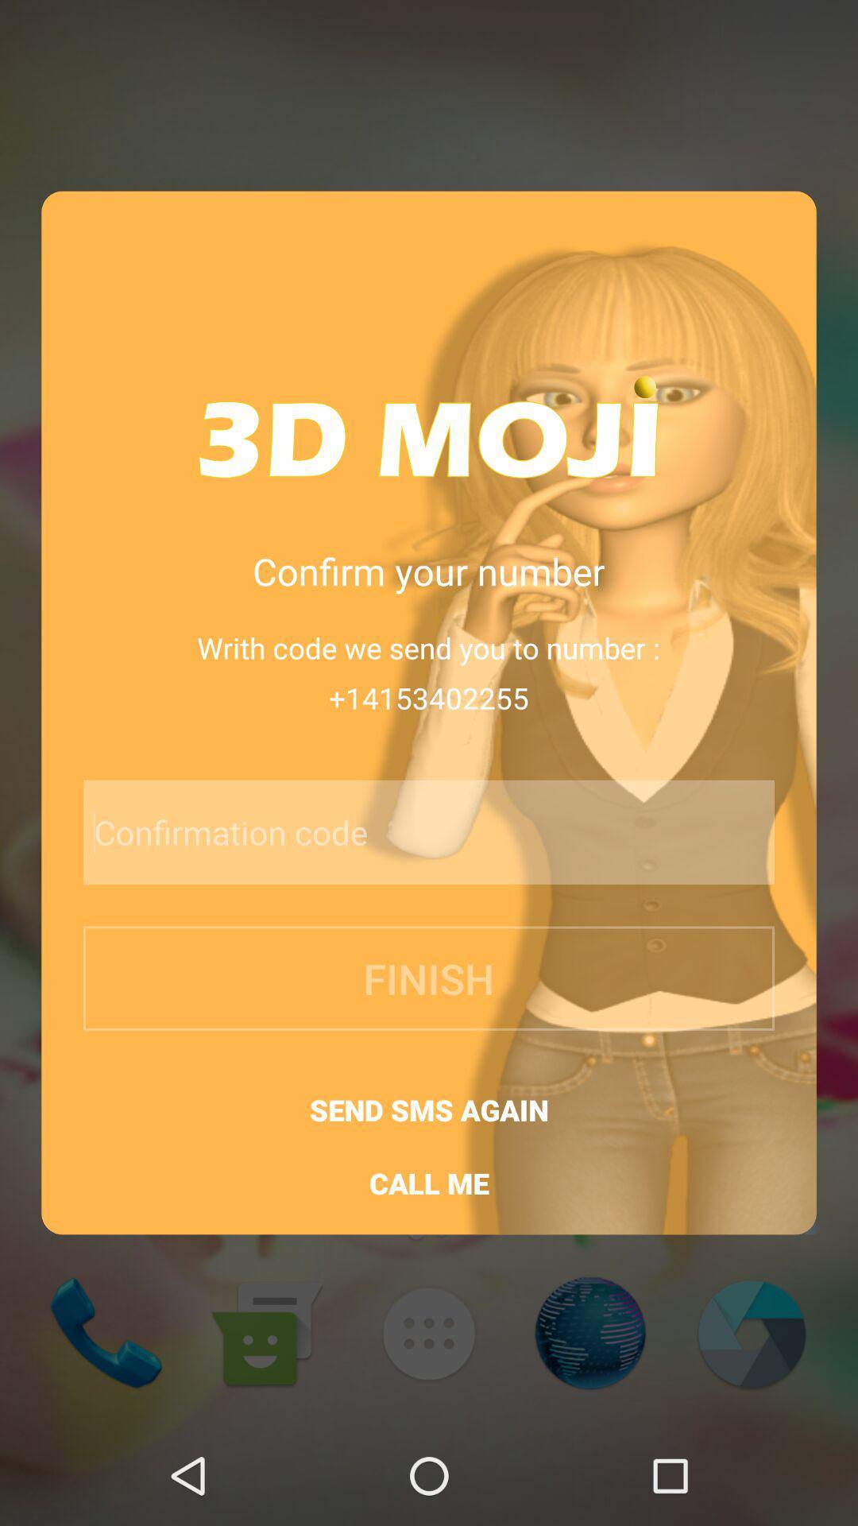 The image size is (858, 1526). What do you see at coordinates (387, 831) in the screenshot?
I see `confirmation code` at bounding box center [387, 831].